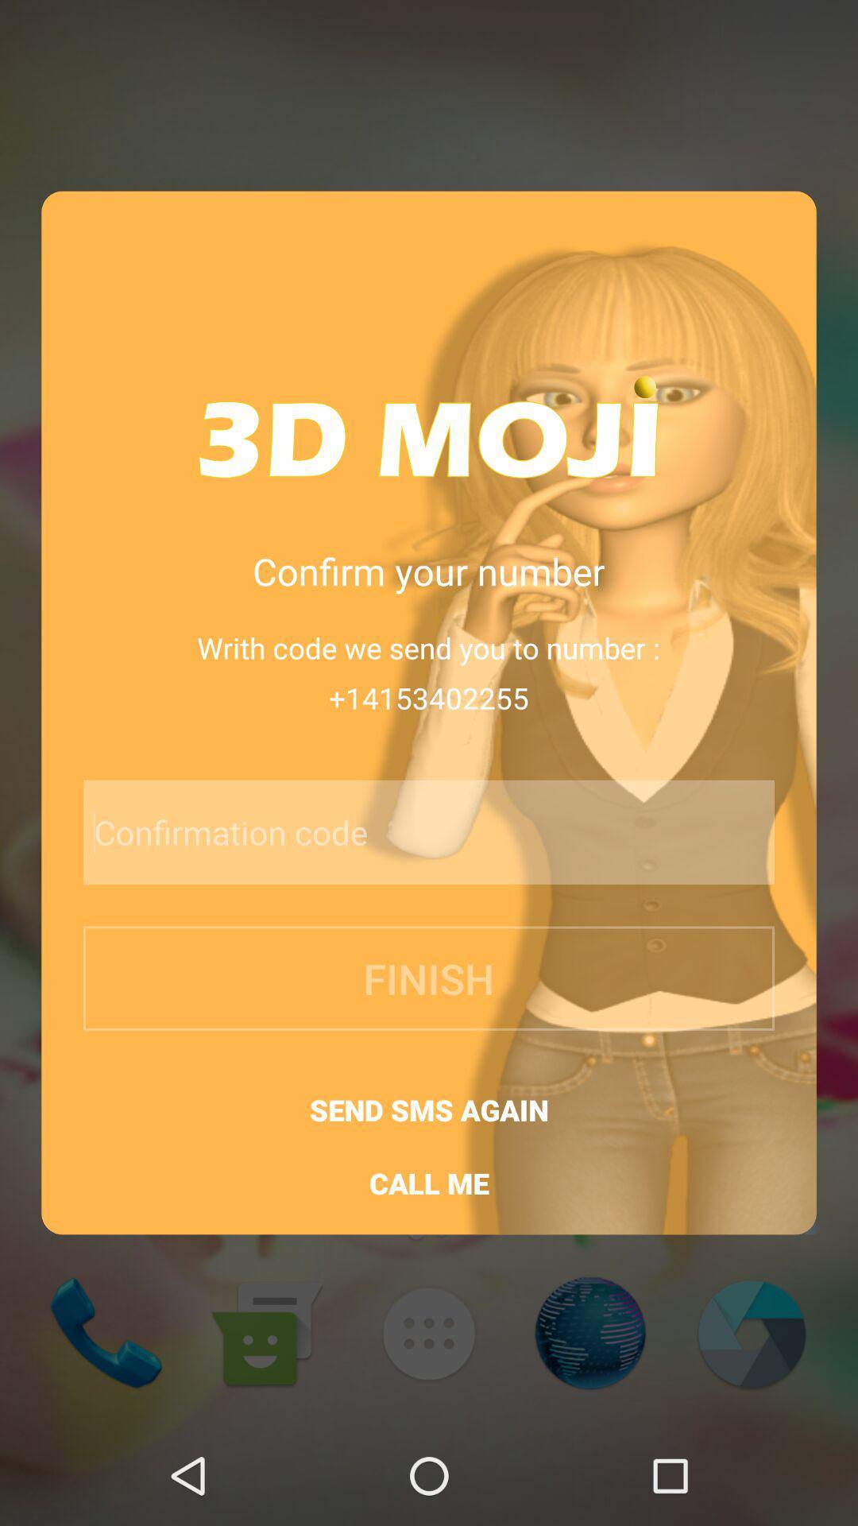 The image size is (858, 1526). What do you see at coordinates (387, 831) in the screenshot?
I see `confirmation code` at bounding box center [387, 831].